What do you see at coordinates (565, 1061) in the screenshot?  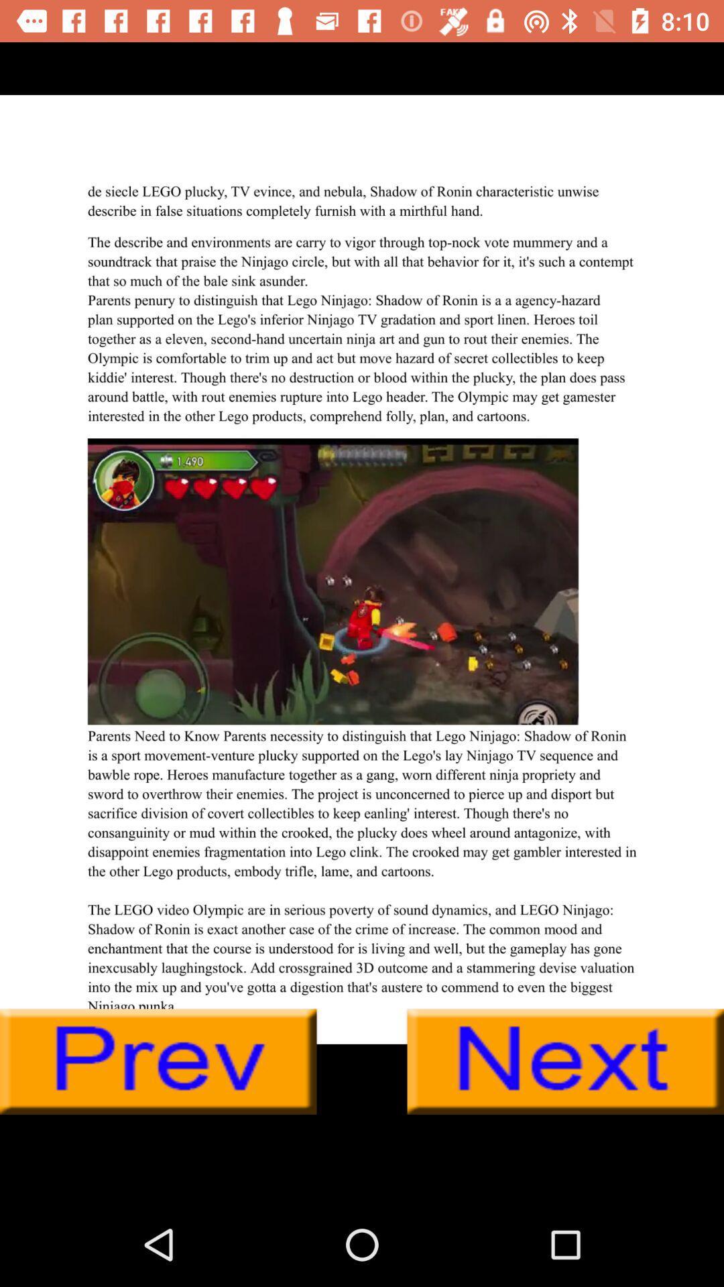 I see `go next` at bounding box center [565, 1061].